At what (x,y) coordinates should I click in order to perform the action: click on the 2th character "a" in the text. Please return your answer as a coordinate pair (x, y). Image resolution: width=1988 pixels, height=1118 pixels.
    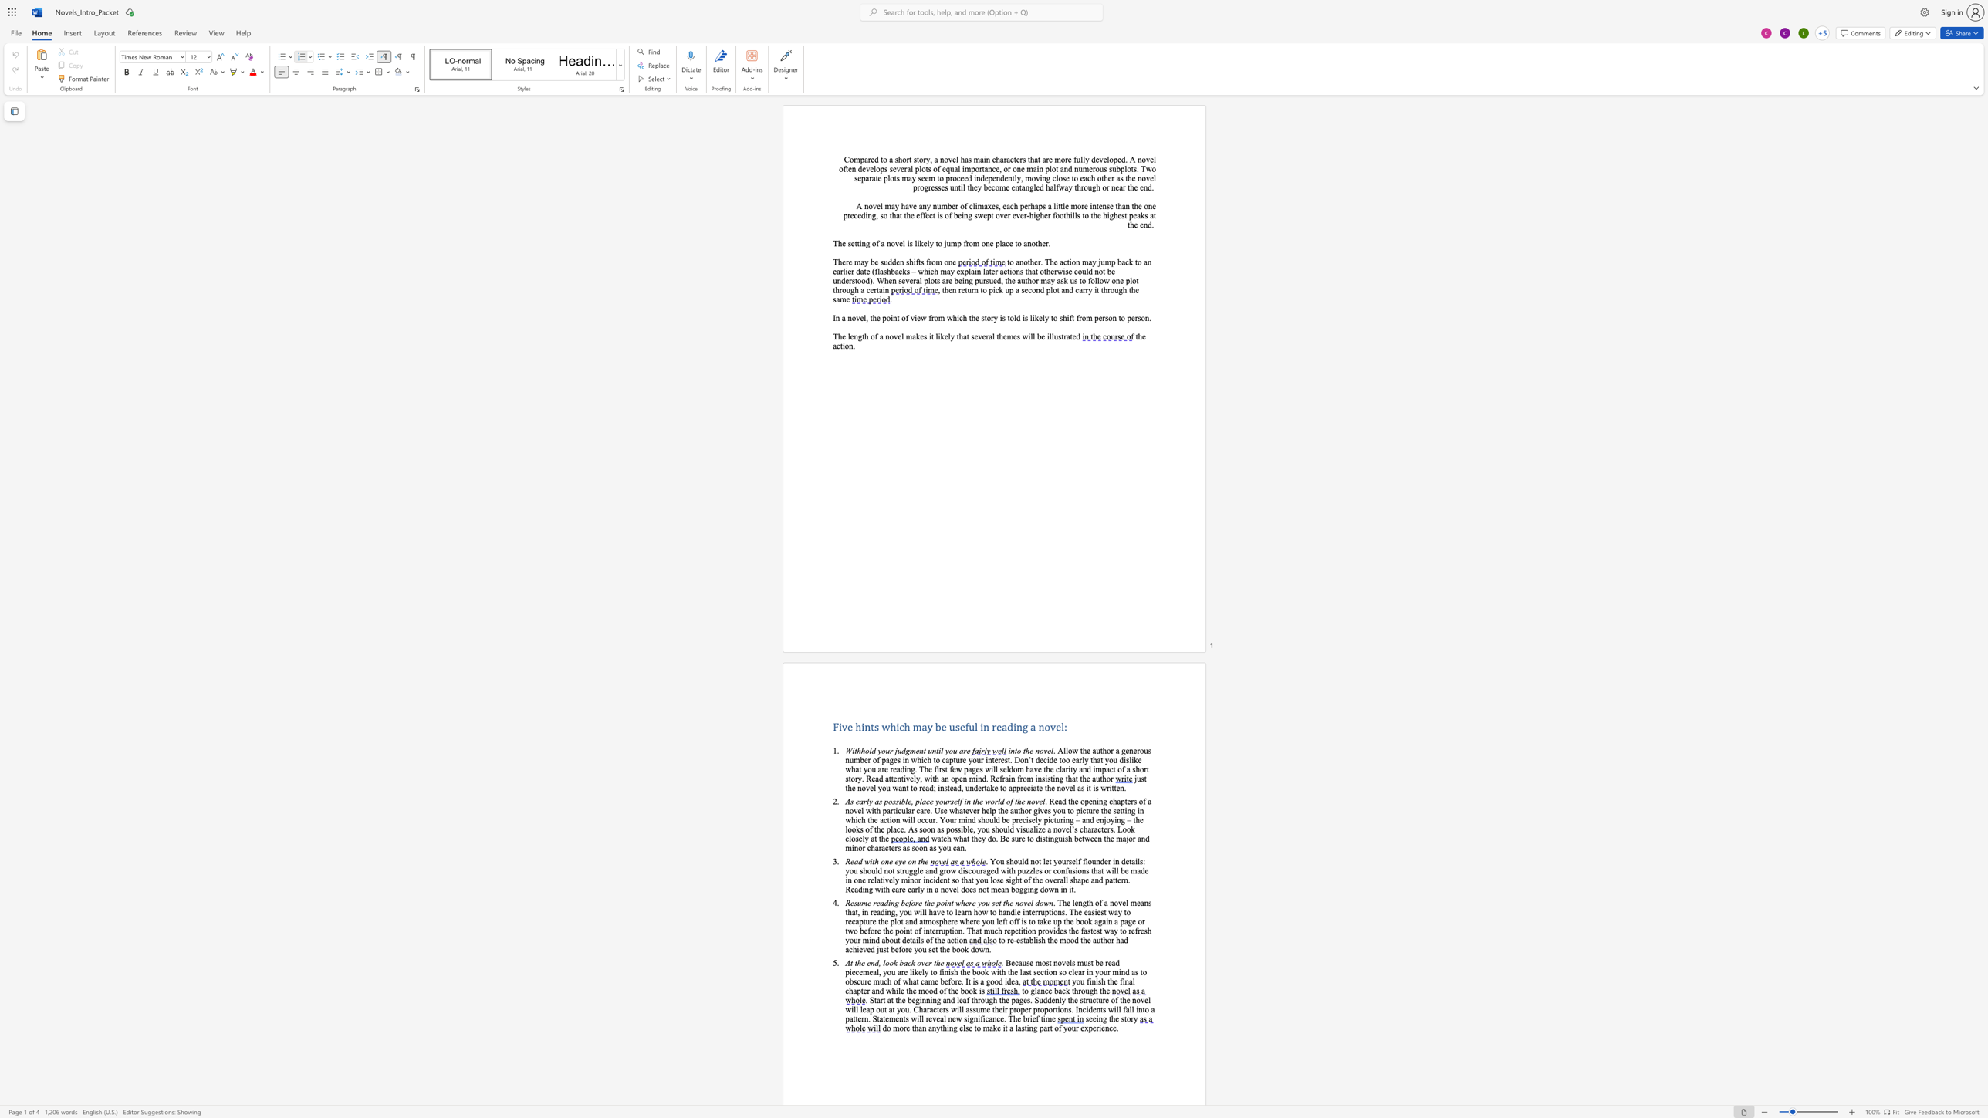
    Looking at the image, I should click on (875, 801).